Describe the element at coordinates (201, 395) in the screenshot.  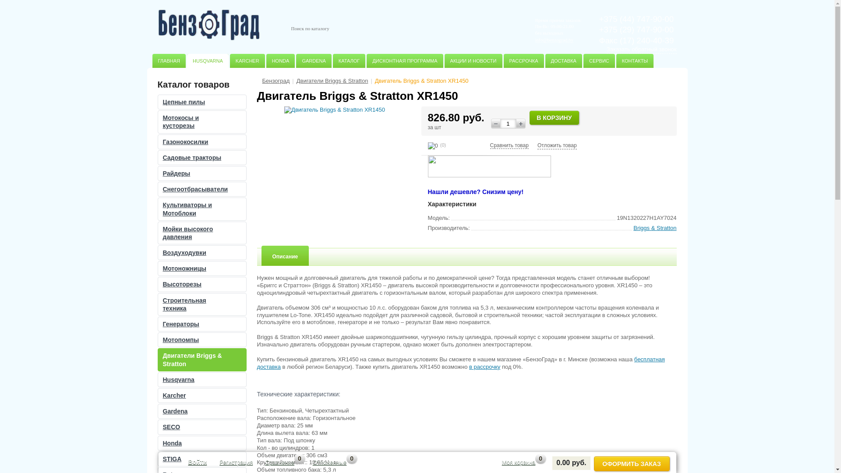
I see `'Karcher'` at that location.